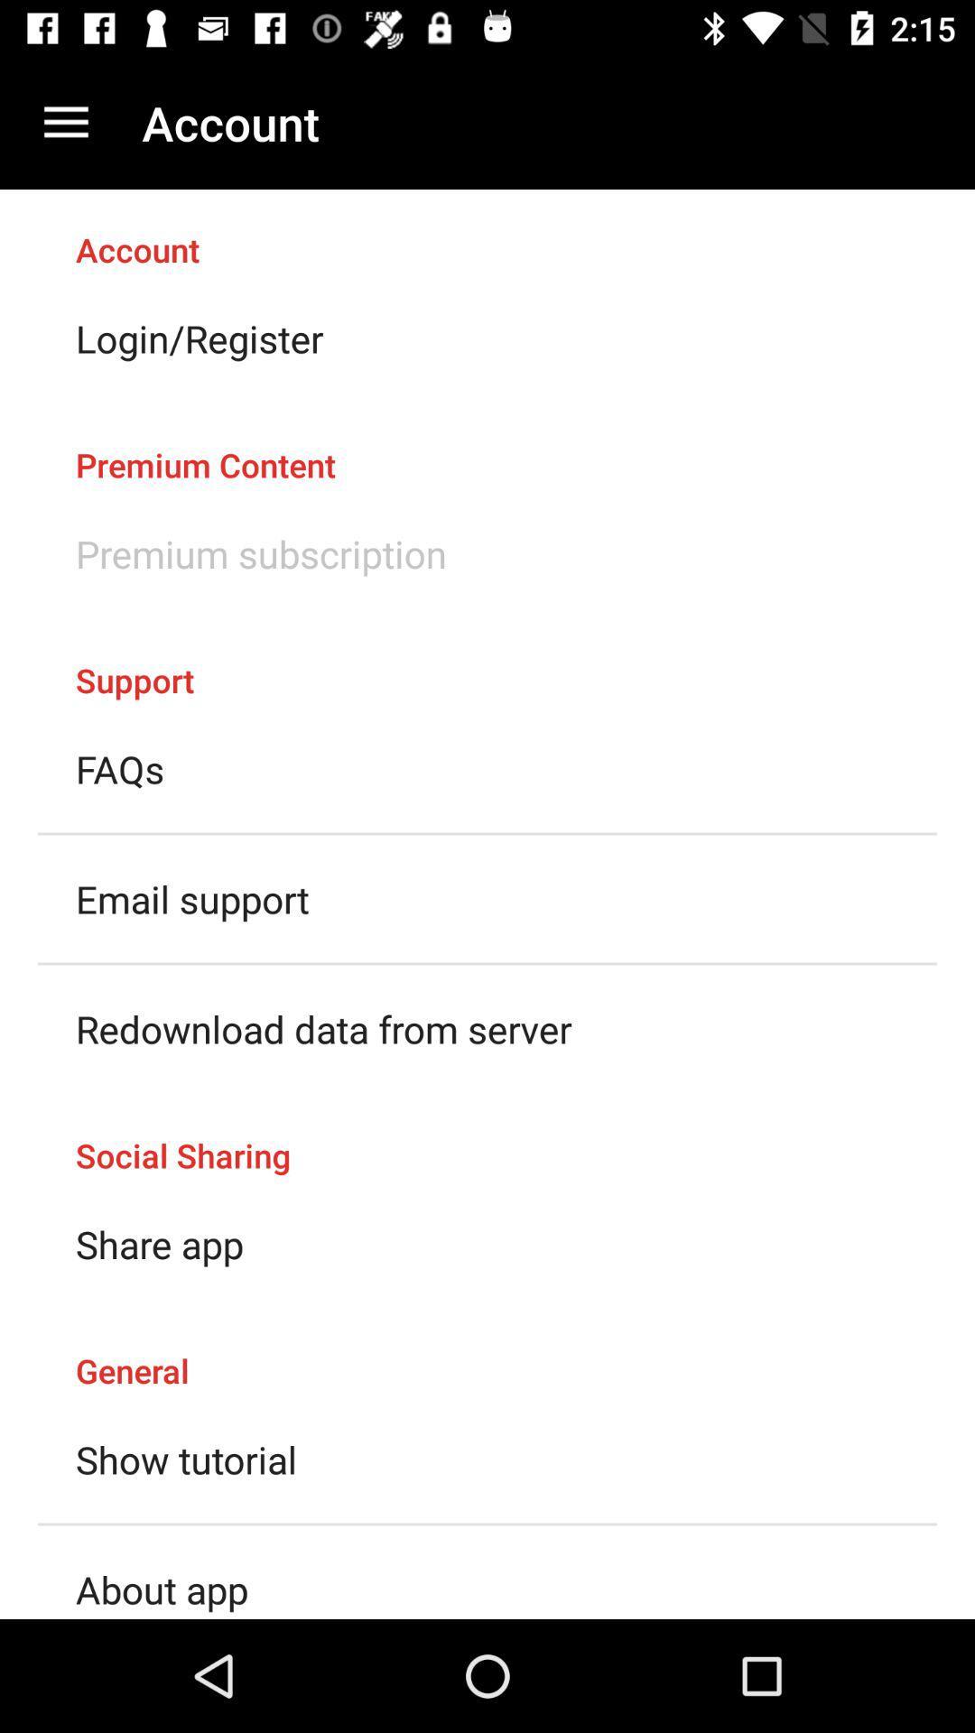 Image resolution: width=975 pixels, height=1733 pixels. I want to click on the redownload data from icon, so click(322, 1029).